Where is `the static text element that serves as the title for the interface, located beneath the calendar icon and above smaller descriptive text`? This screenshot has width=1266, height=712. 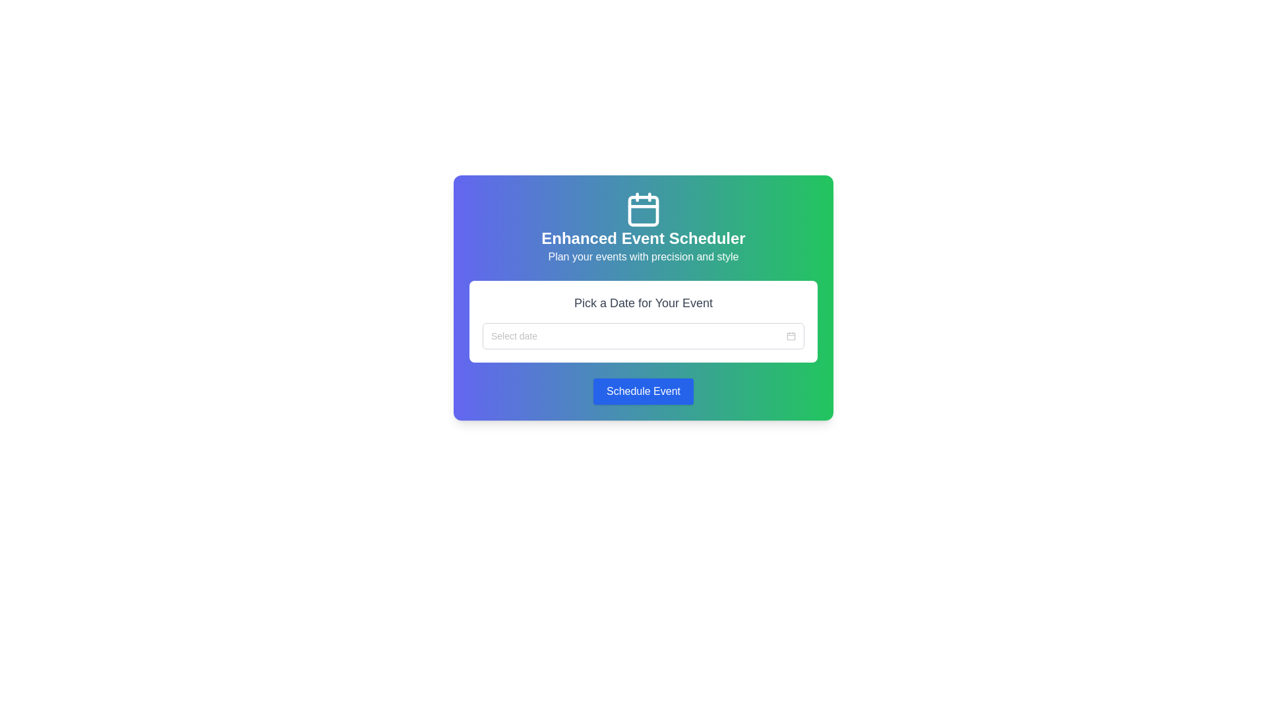 the static text element that serves as the title for the interface, located beneath the calendar icon and above smaller descriptive text is located at coordinates (643, 239).